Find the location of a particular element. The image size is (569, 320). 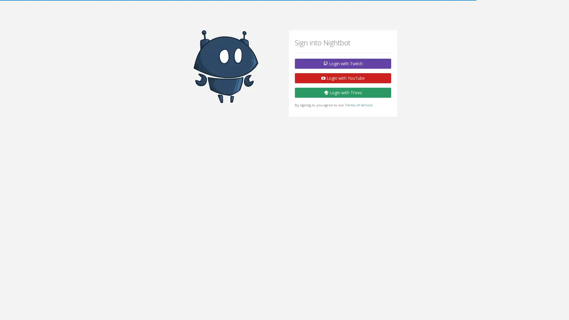

Login with Trovo is located at coordinates (343, 92).